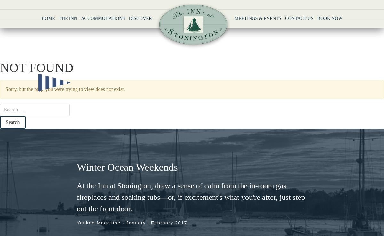  Describe the element at coordinates (190, 197) in the screenshot. I see `'At the Inn at Stonington, draw a sense of calm from the in-room gas fireplaces and soaking tubs—or, if excitement's what you're after, just step out the front door.'` at that location.